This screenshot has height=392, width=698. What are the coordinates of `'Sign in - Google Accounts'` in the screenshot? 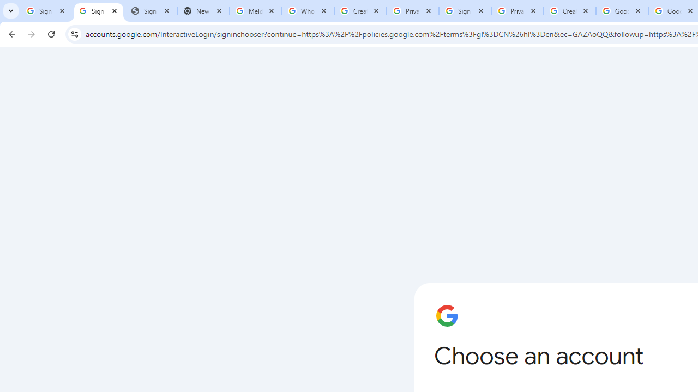 It's located at (99, 11).